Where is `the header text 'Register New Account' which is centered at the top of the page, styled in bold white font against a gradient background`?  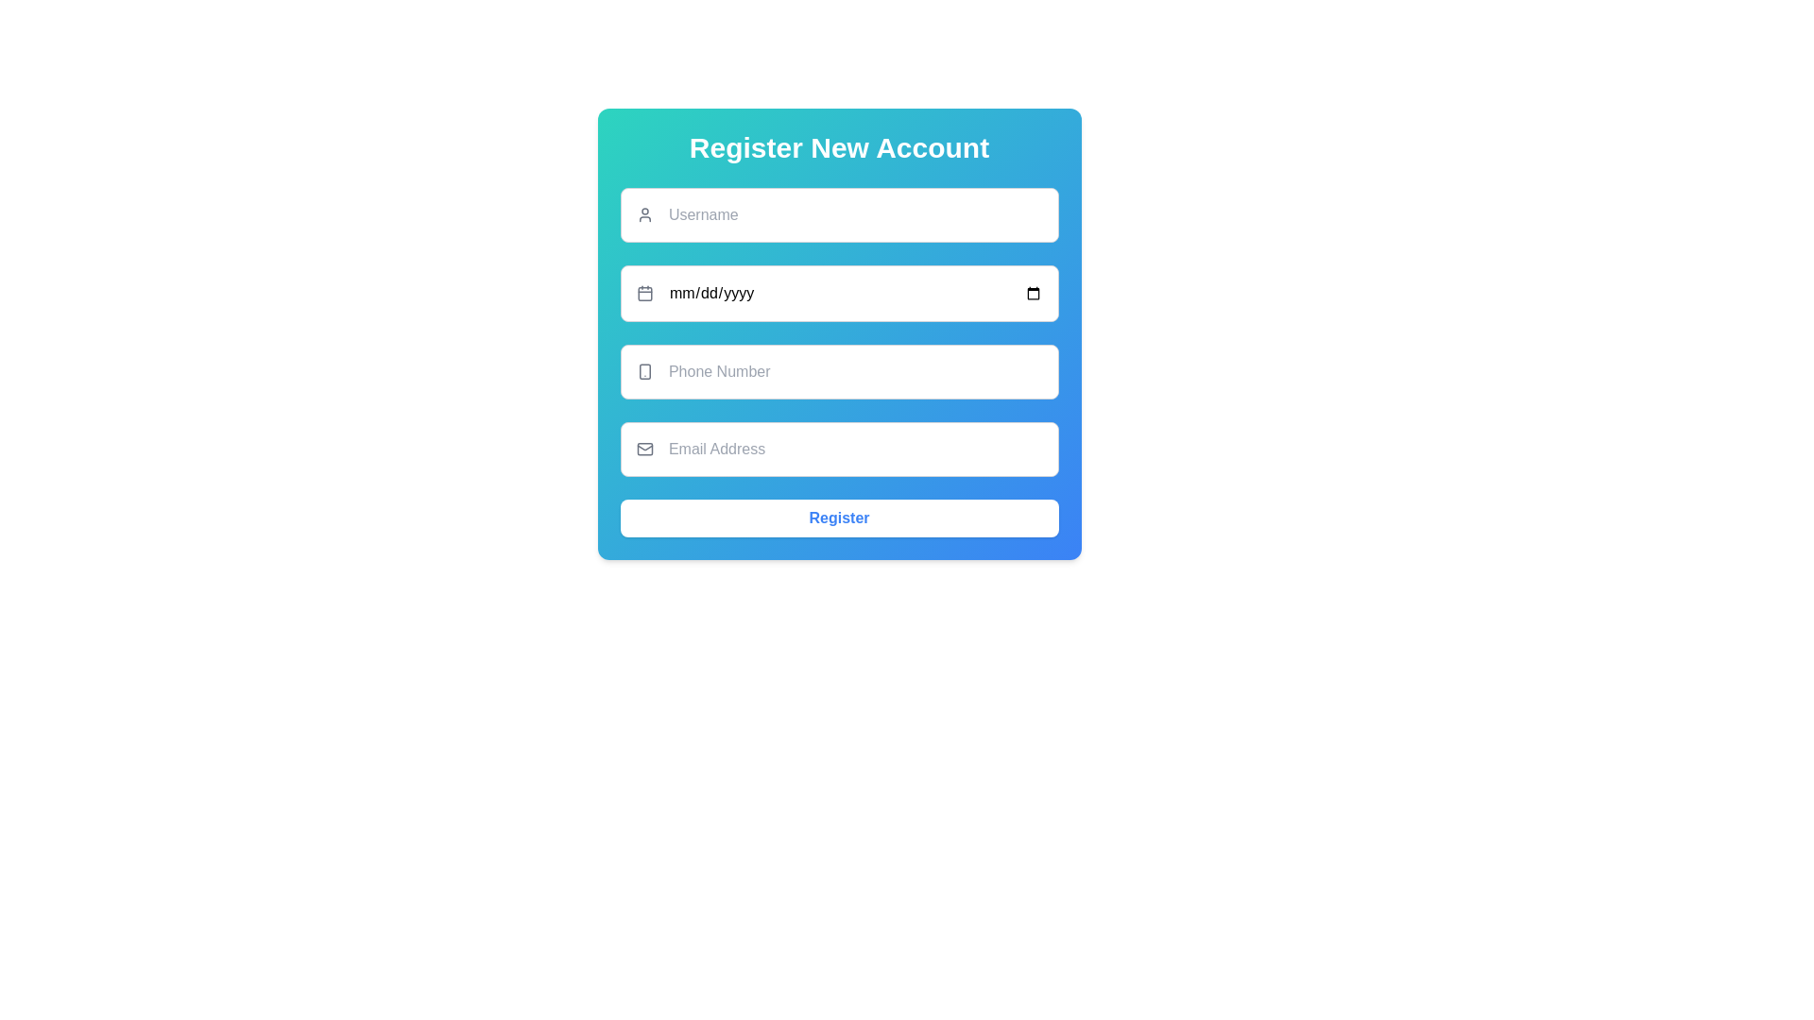 the header text 'Register New Account' which is centered at the top of the page, styled in bold white font against a gradient background is located at coordinates (838, 147).